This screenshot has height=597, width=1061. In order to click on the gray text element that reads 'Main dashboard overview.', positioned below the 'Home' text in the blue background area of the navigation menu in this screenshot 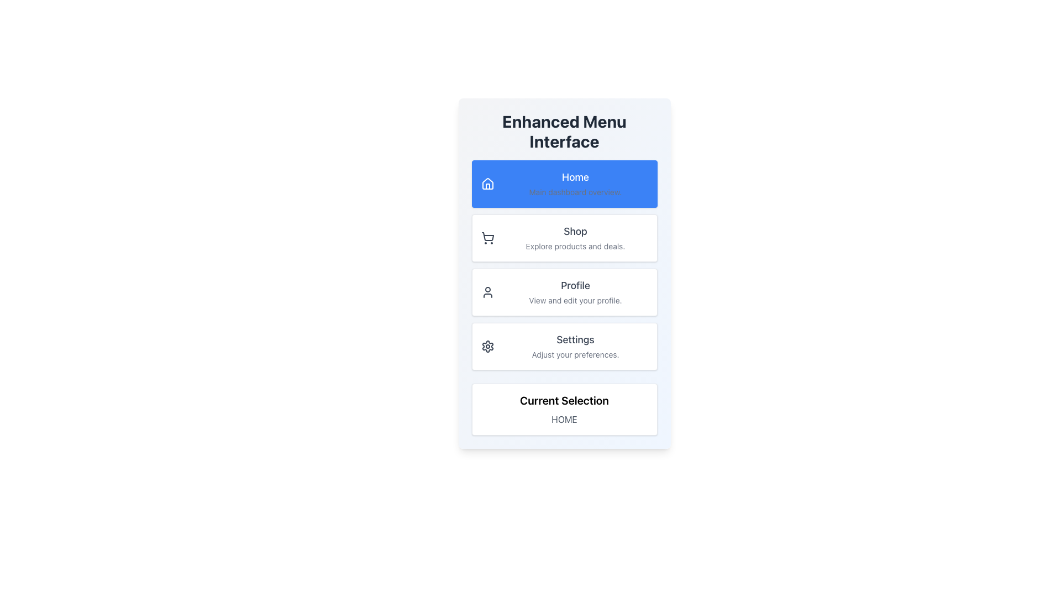, I will do `click(575, 191)`.